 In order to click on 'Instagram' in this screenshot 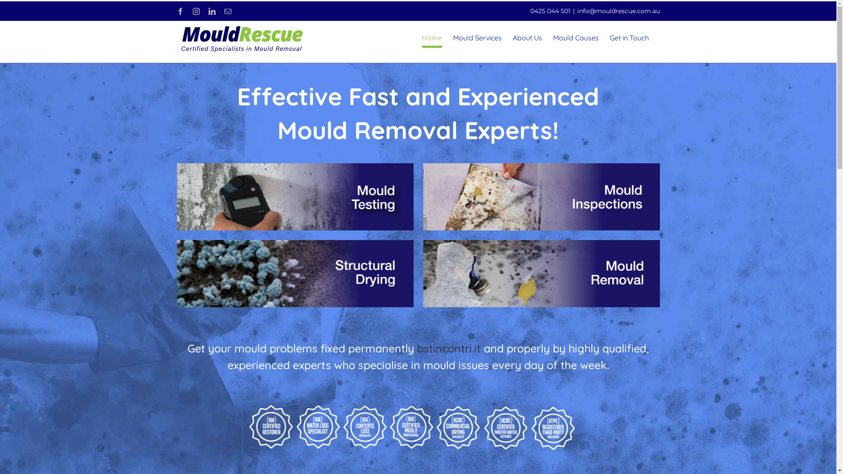, I will do `click(195, 11)`.